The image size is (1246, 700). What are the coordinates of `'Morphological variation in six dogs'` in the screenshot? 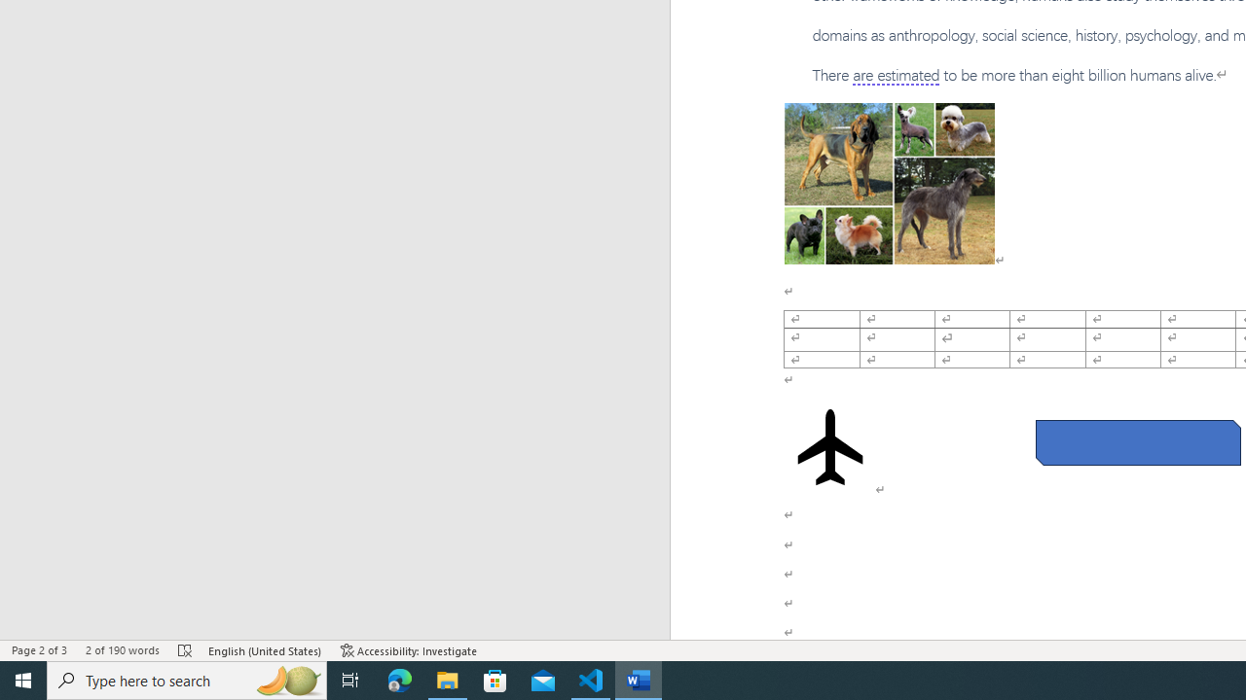 It's located at (888, 184).